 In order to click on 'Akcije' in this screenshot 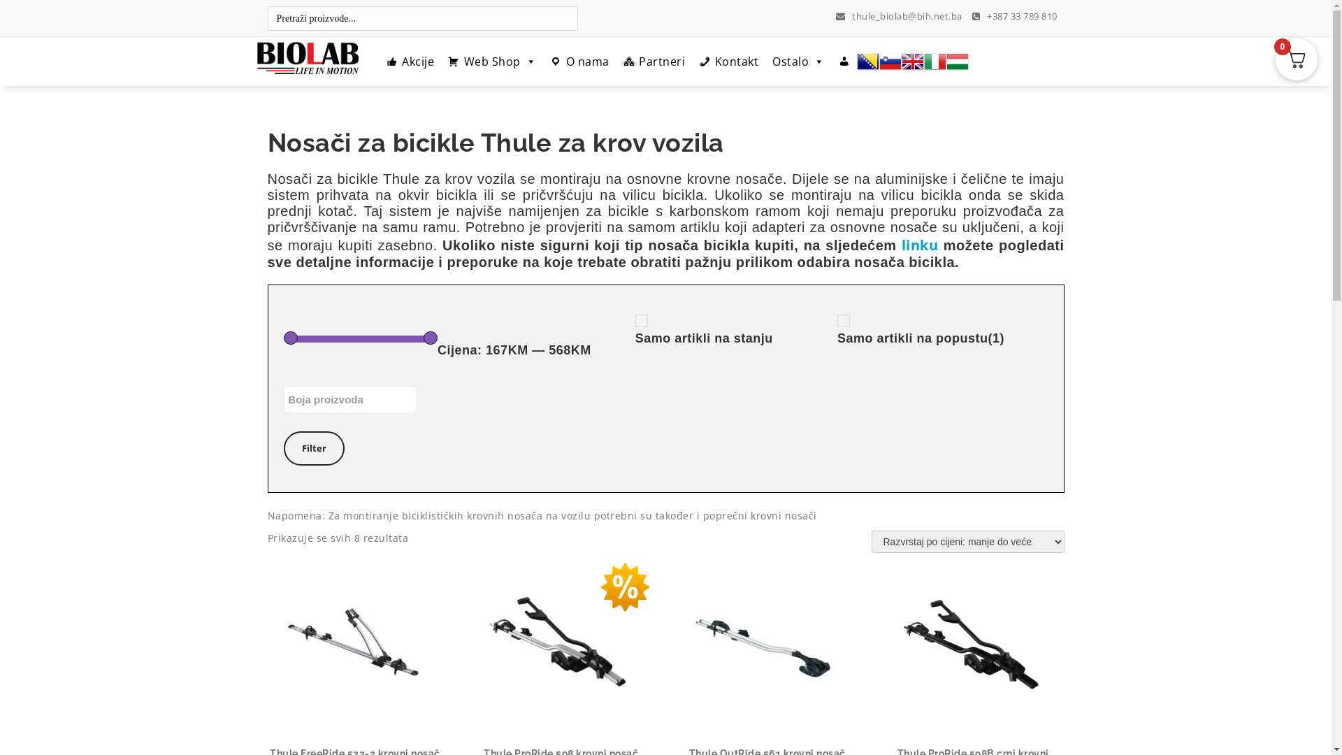, I will do `click(409, 61)`.